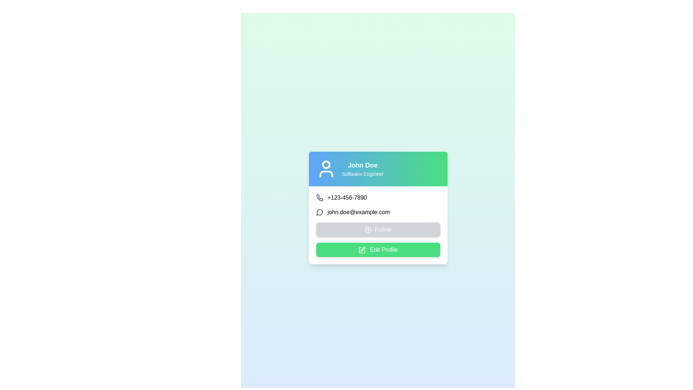 Image resolution: width=693 pixels, height=390 pixels. I want to click on the user icon represented by a circular head shape above a semi-circular body, located in the upper-left corner of the card layout, so click(326, 169).